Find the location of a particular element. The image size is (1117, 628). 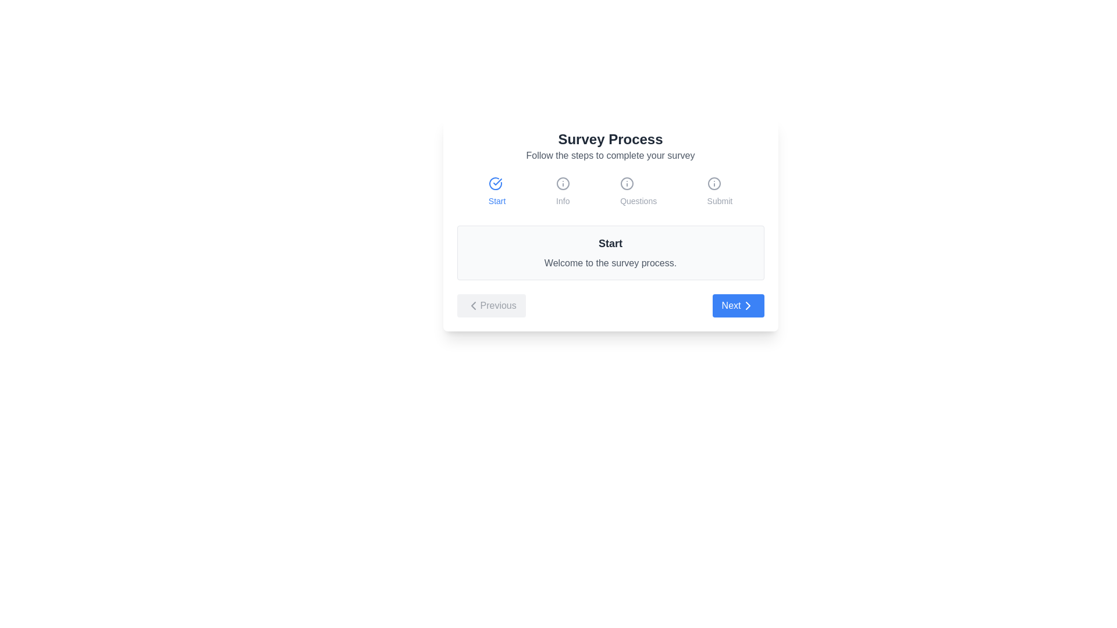

the right-facing chevron icon that indicates the next step in navigation, positioned to the right of the 'Next' button in the survey navigation interface is located at coordinates (748, 305).